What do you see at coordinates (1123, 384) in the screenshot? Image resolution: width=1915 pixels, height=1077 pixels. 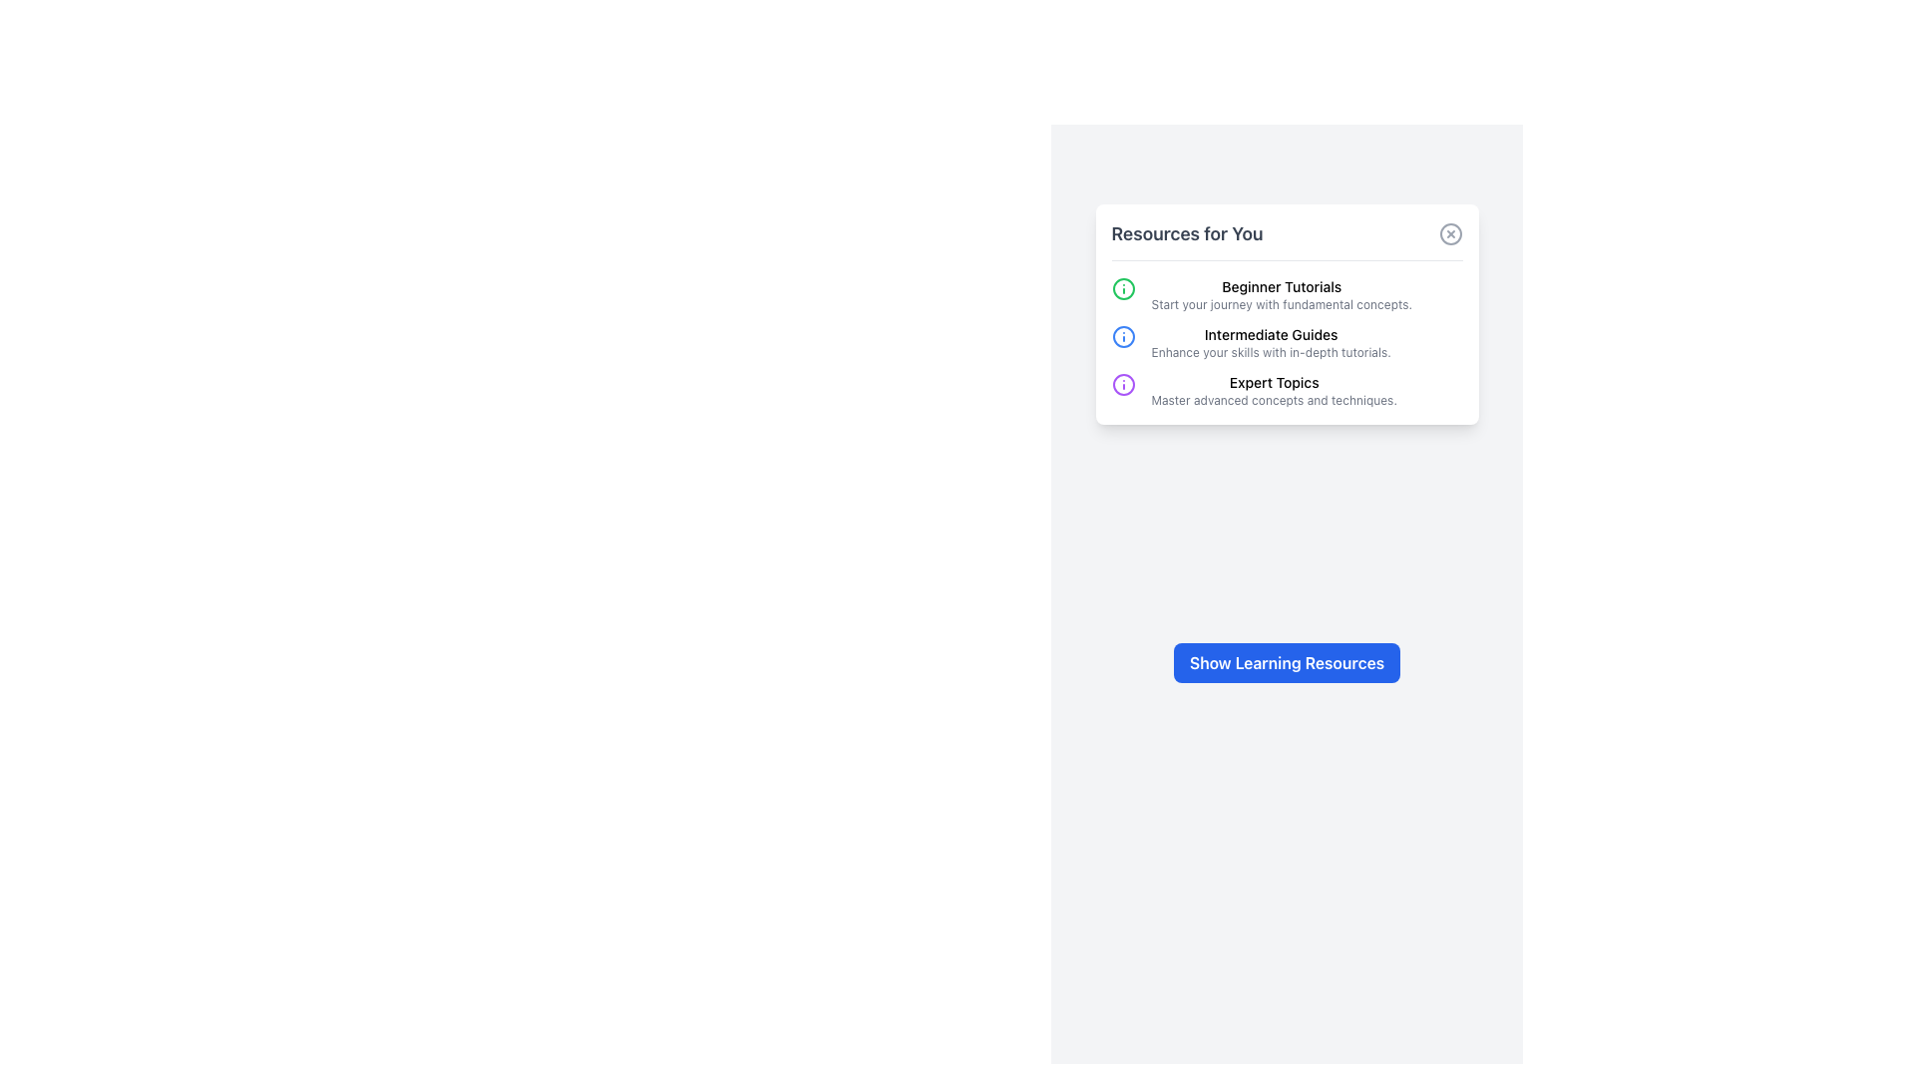 I see `the Circle SVG graphic component associated with the 'Beginner Tutorials' section, which is positioned slightly to the left of the text description` at bounding box center [1123, 384].